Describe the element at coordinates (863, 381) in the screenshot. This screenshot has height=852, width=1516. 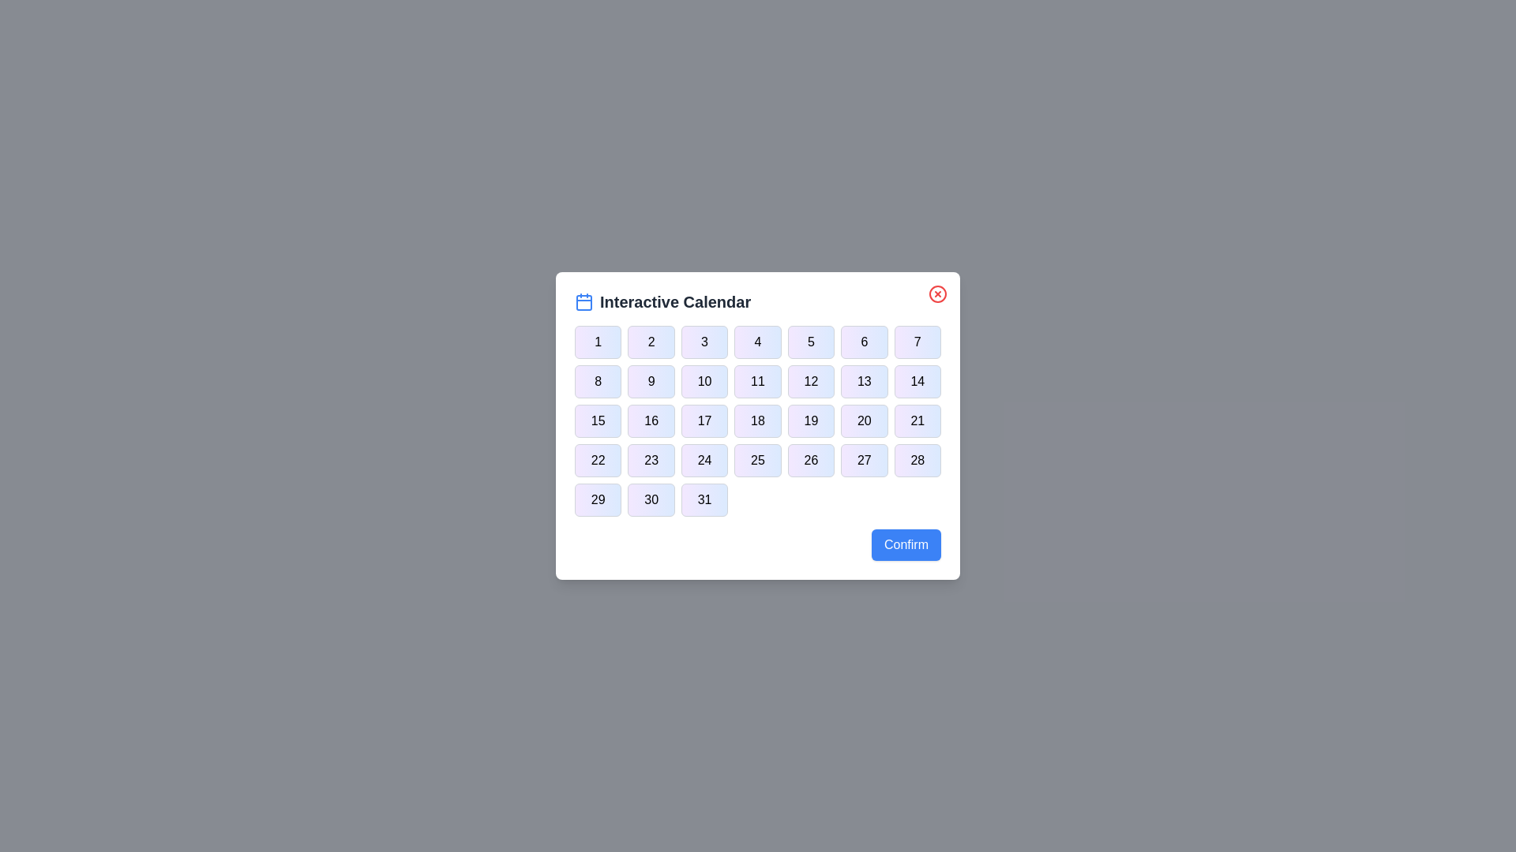
I see `the button corresponding to day 13 in the calendar` at that location.